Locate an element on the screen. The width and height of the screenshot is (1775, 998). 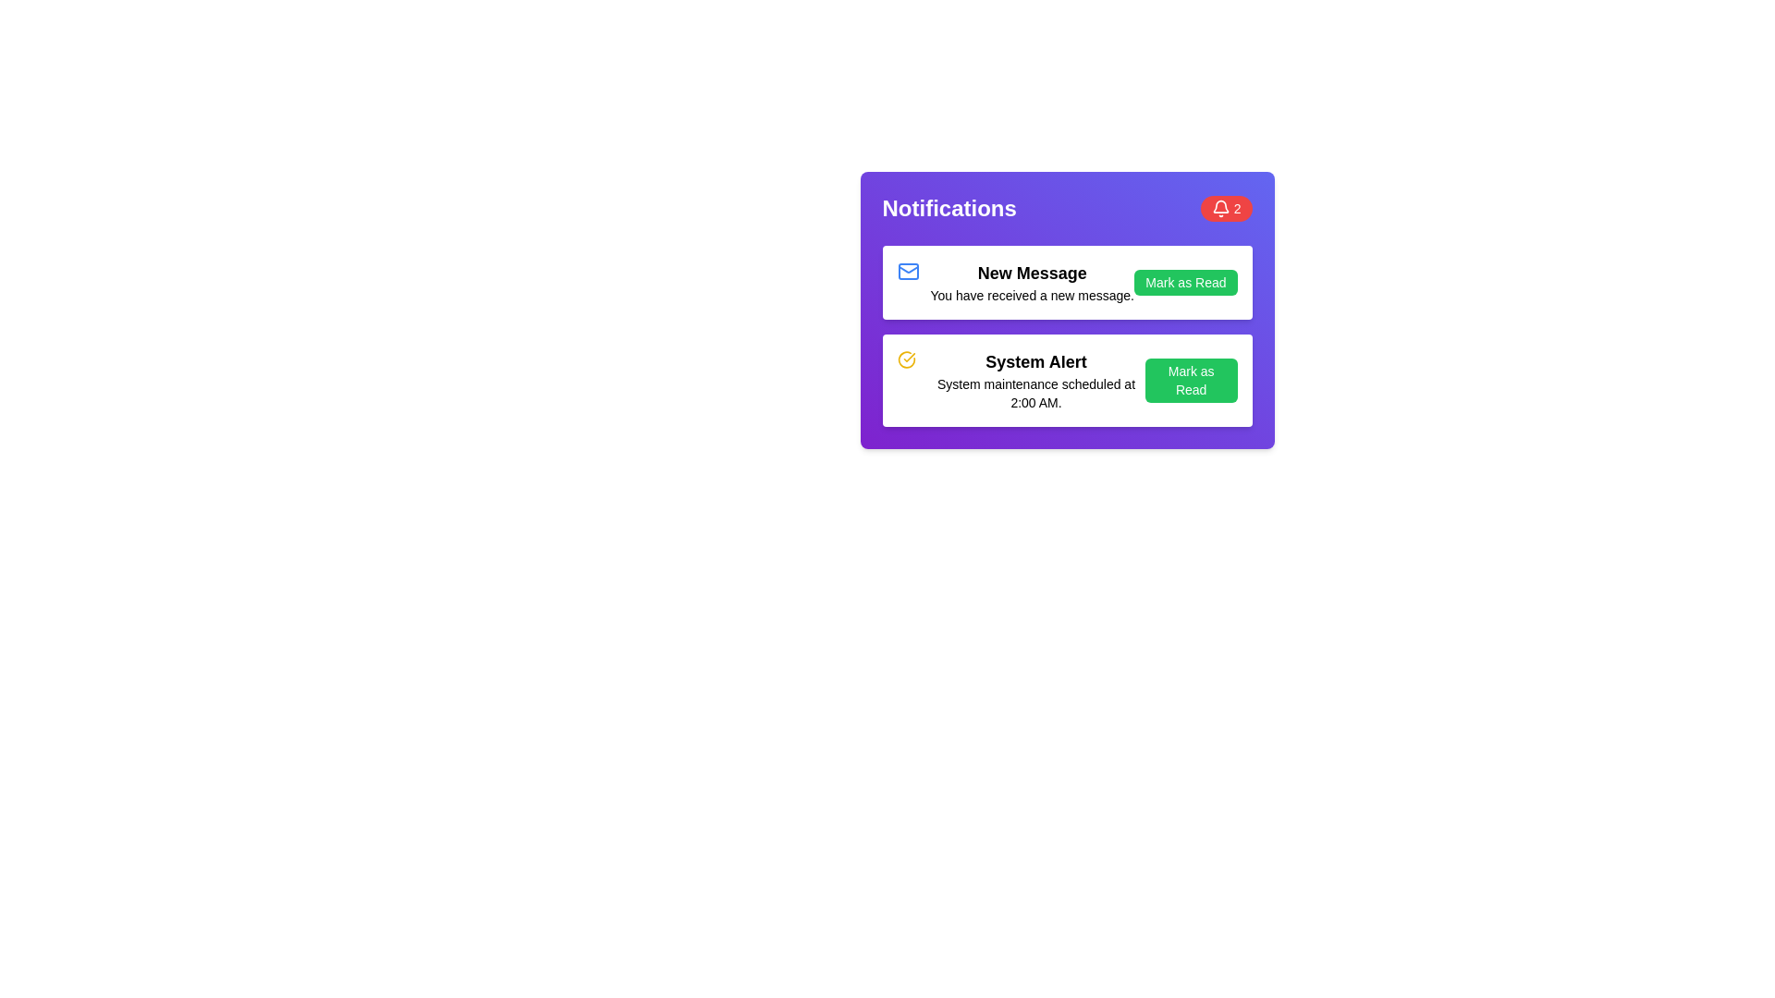
the static icon indicating a successfully processed or verified system event in the 'System Alert' notification row is located at coordinates (906, 359).